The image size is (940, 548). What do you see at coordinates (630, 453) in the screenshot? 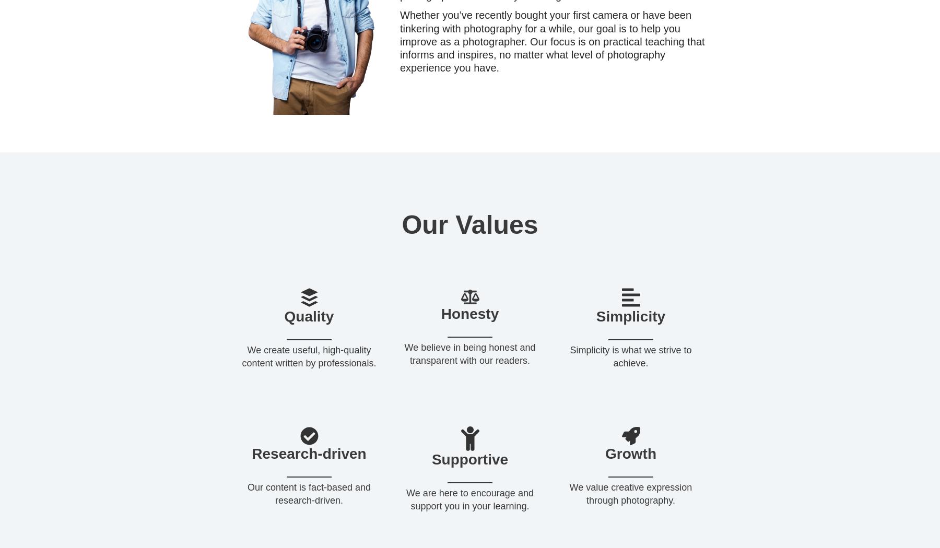
I see `'Growth'` at bounding box center [630, 453].